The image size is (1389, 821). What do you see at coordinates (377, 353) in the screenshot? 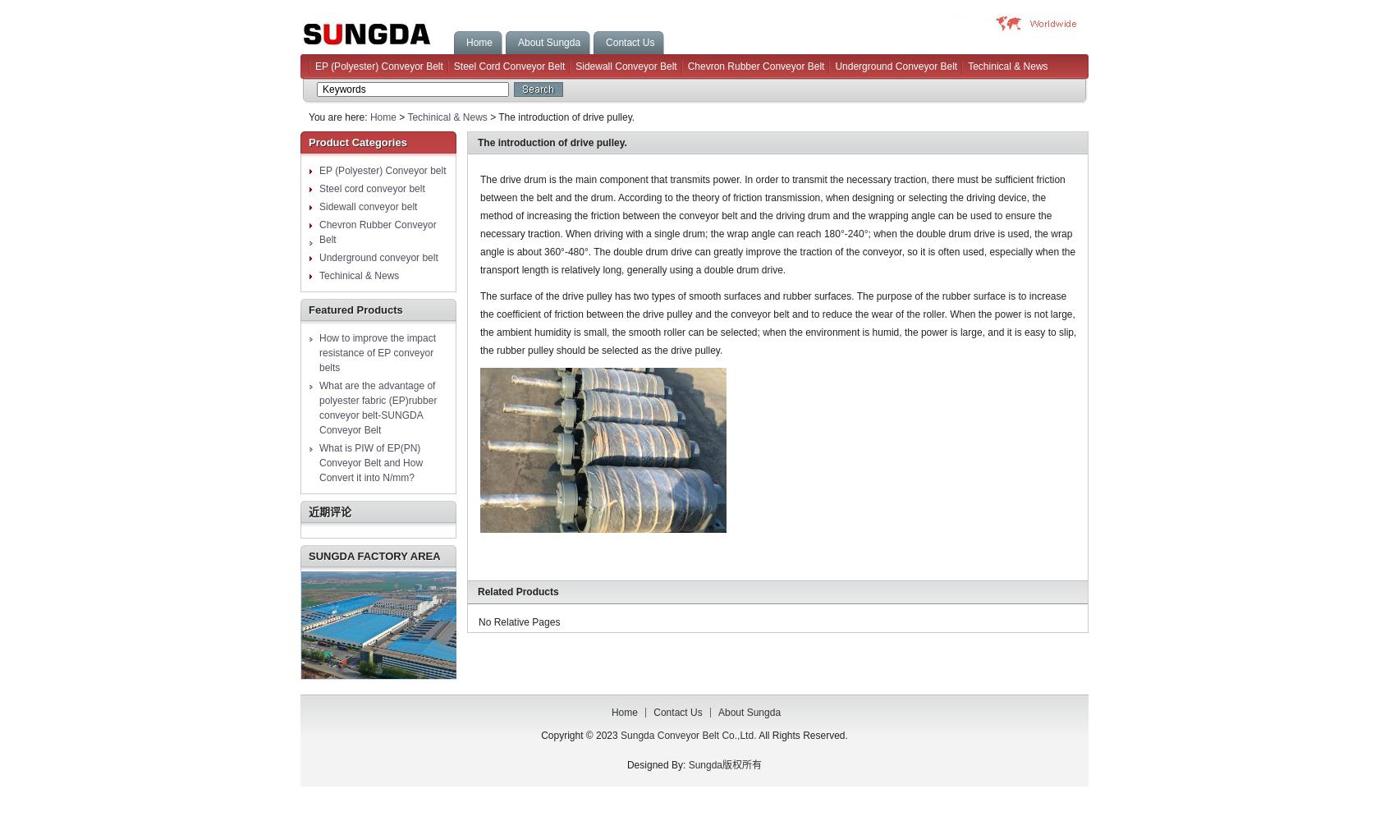
I see `'How to improve the impact resistance of EP conveyor belts'` at bounding box center [377, 353].